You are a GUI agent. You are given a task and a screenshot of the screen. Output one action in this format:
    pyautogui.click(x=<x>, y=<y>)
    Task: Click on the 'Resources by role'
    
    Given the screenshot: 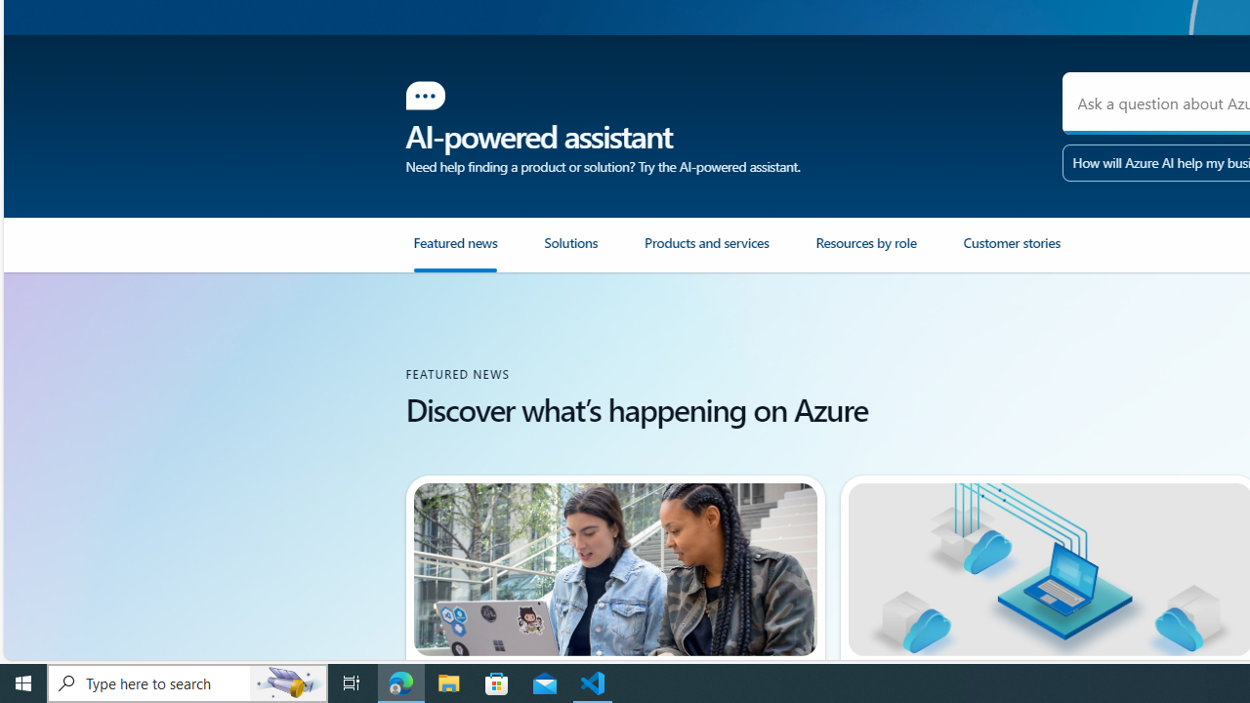 What is the action you would take?
    pyautogui.click(x=865, y=250)
    